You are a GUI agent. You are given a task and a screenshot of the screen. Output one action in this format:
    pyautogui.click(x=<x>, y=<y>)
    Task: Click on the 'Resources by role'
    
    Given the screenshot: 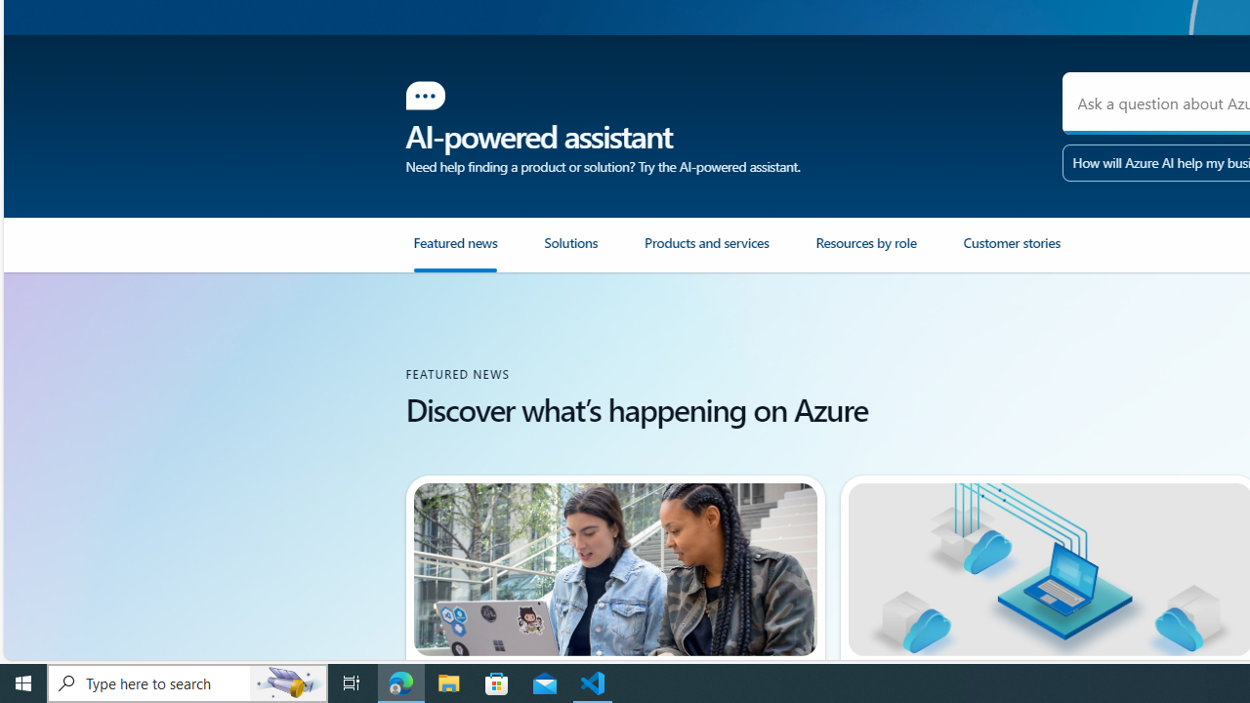 What is the action you would take?
    pyautogui.click(x=865, y=250)
    